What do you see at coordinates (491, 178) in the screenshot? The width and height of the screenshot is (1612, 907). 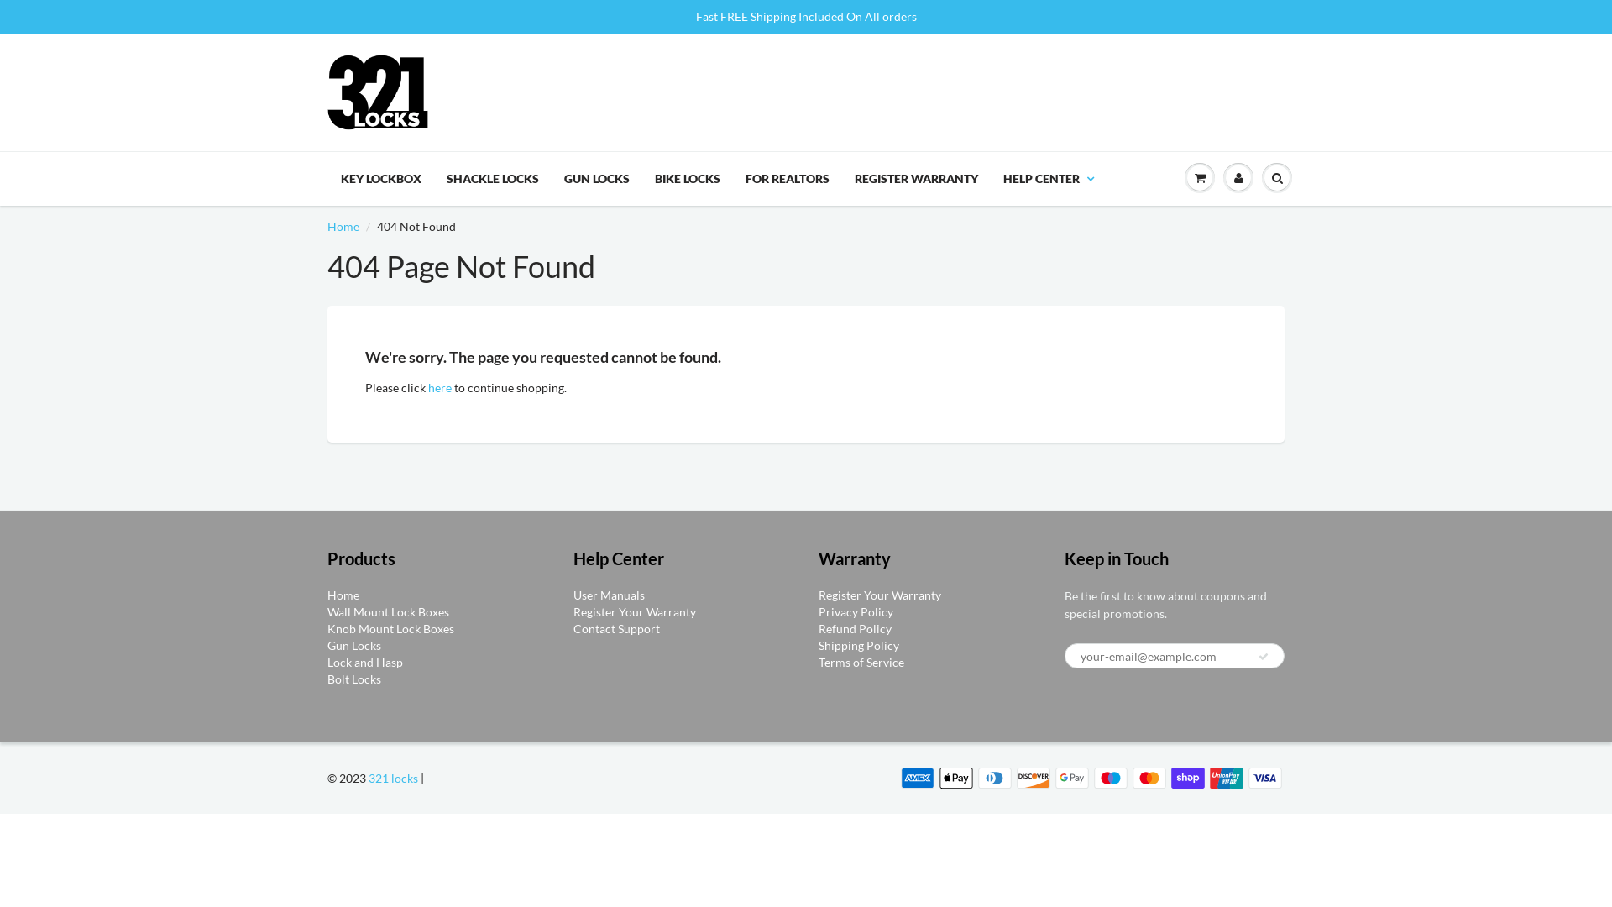 I see `'SHACKLE LOCKS'` at bounding box center [491, 178].